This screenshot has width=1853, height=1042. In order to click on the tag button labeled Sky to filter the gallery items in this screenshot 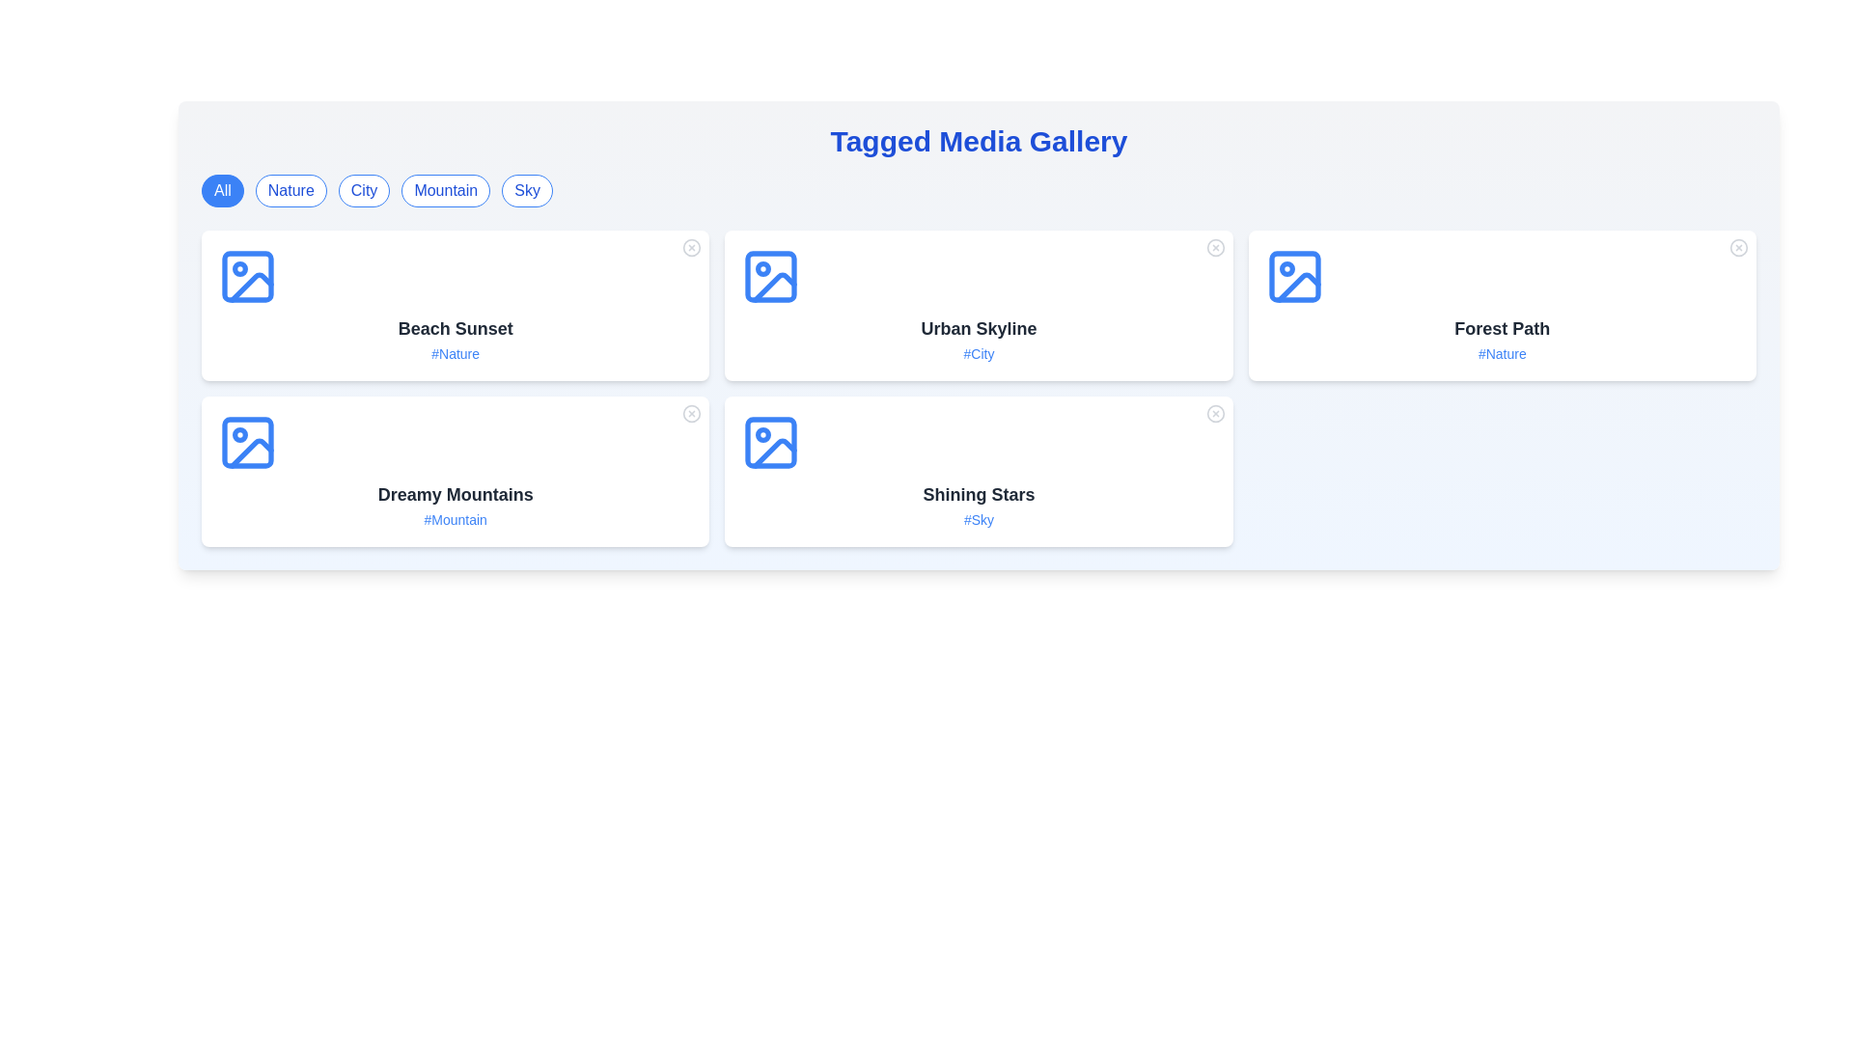, I will do `click(527, 190)`.